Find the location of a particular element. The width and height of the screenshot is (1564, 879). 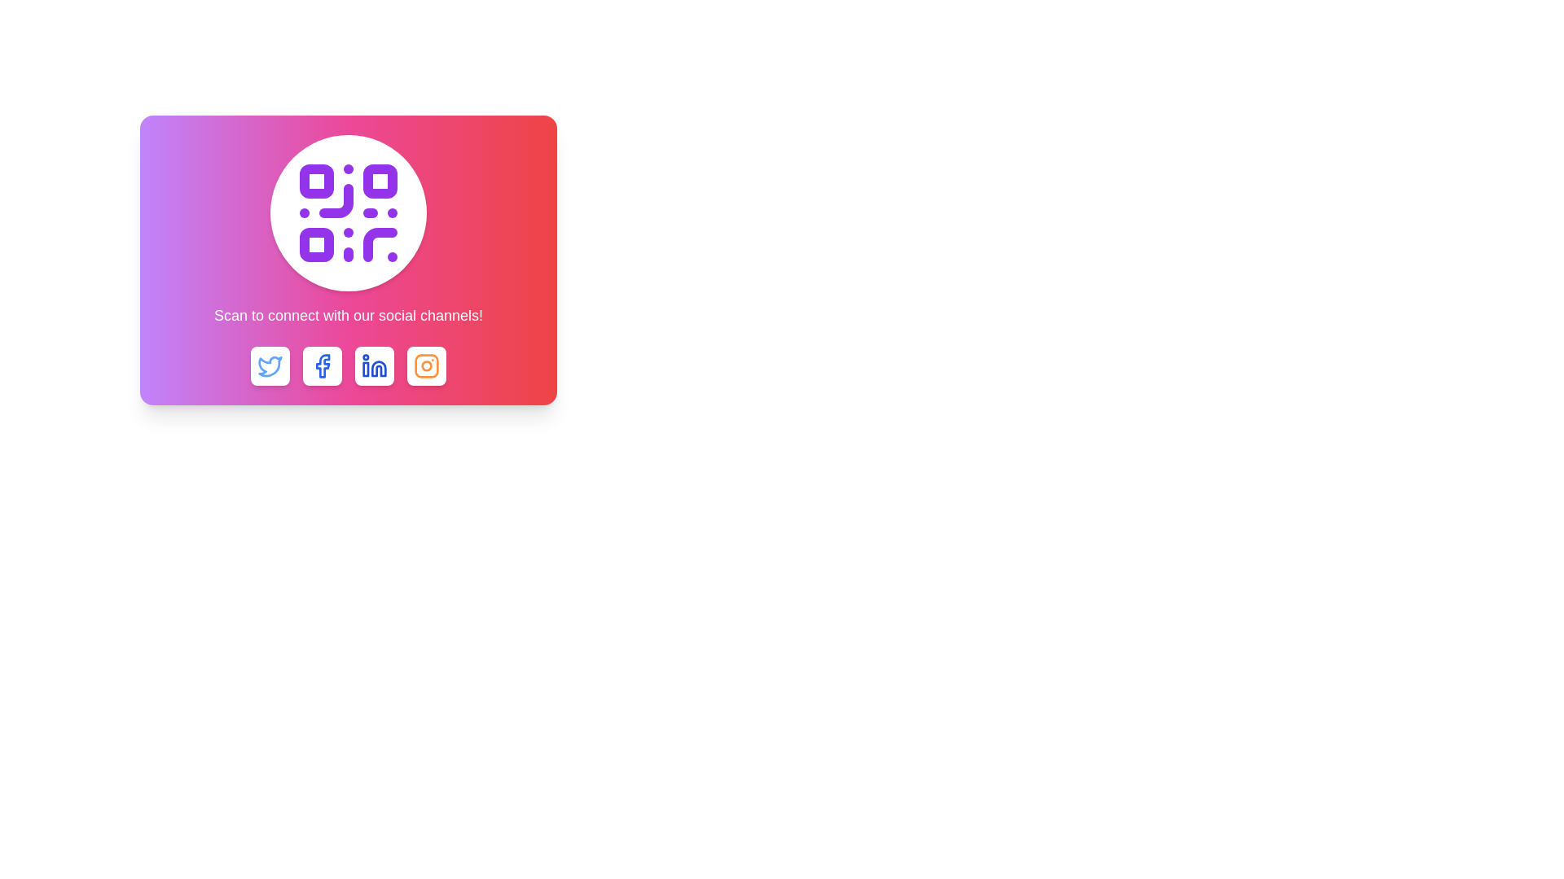

the Twitter icon button located is located at coordinates (270, 366).